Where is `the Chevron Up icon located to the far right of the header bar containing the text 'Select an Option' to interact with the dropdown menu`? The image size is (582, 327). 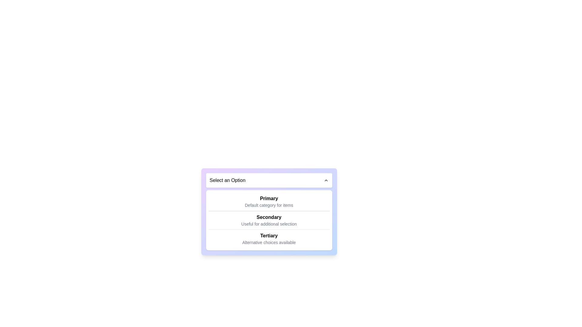 the Chevron Up icon located to the far right of the header bar containing the text 'Select an Option' to interact with the dropdown menu is located at coordinates (326, 180).